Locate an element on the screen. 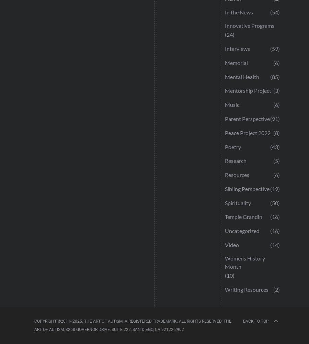 This screenshot has width=309, height=344. 'Music' is located at coordinates (232, 104).